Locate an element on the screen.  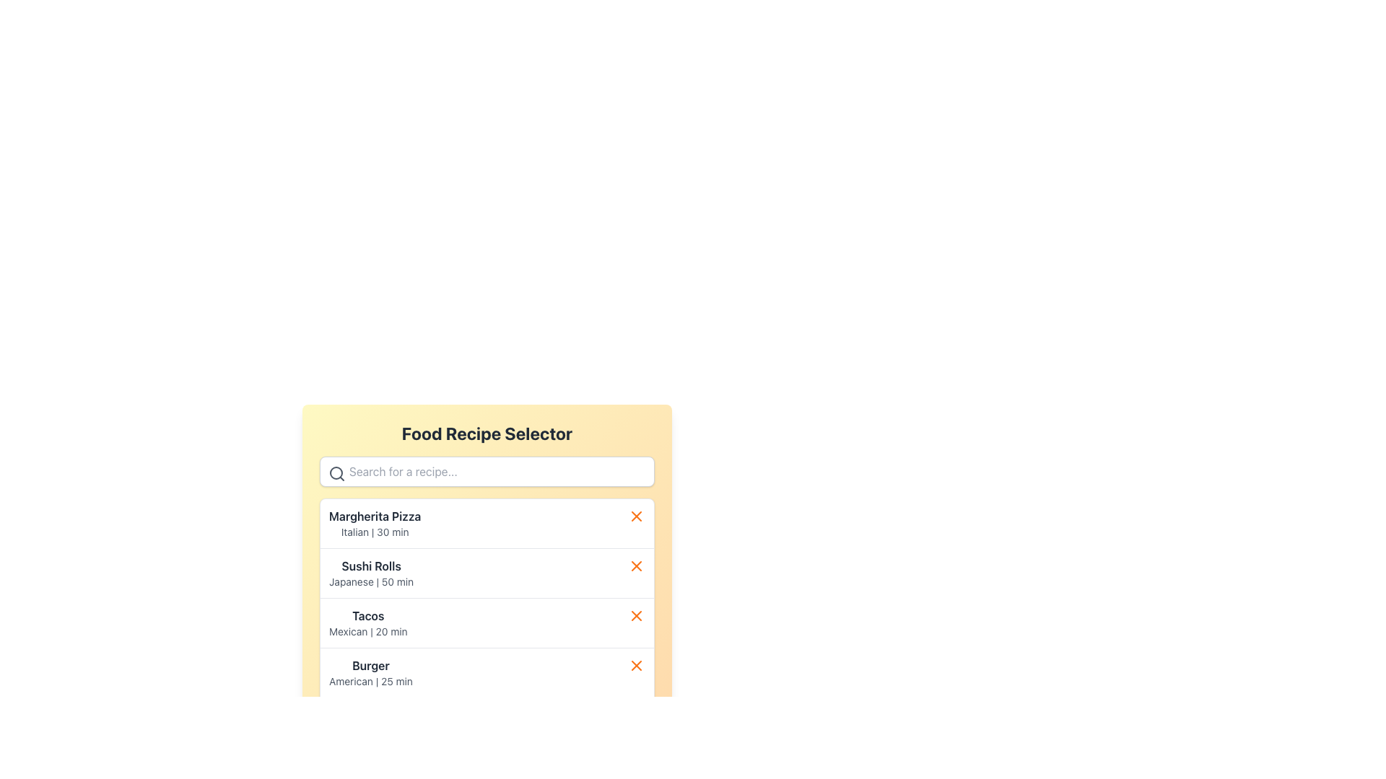
the third food option in the 'Food Recipe Selector' list is located at coordinates (487, 622).